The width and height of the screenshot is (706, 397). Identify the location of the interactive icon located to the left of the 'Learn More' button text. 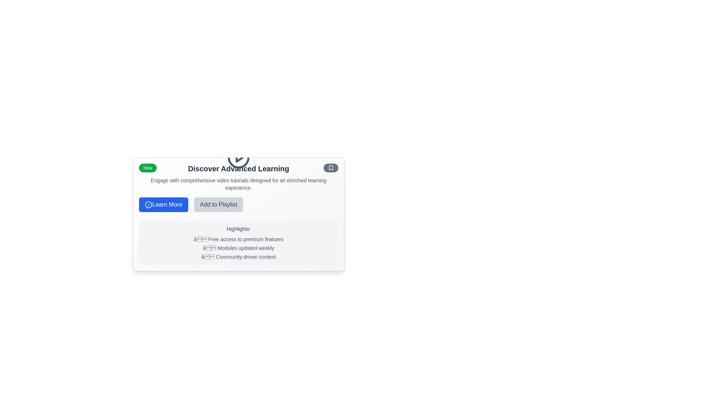
(148, 204).